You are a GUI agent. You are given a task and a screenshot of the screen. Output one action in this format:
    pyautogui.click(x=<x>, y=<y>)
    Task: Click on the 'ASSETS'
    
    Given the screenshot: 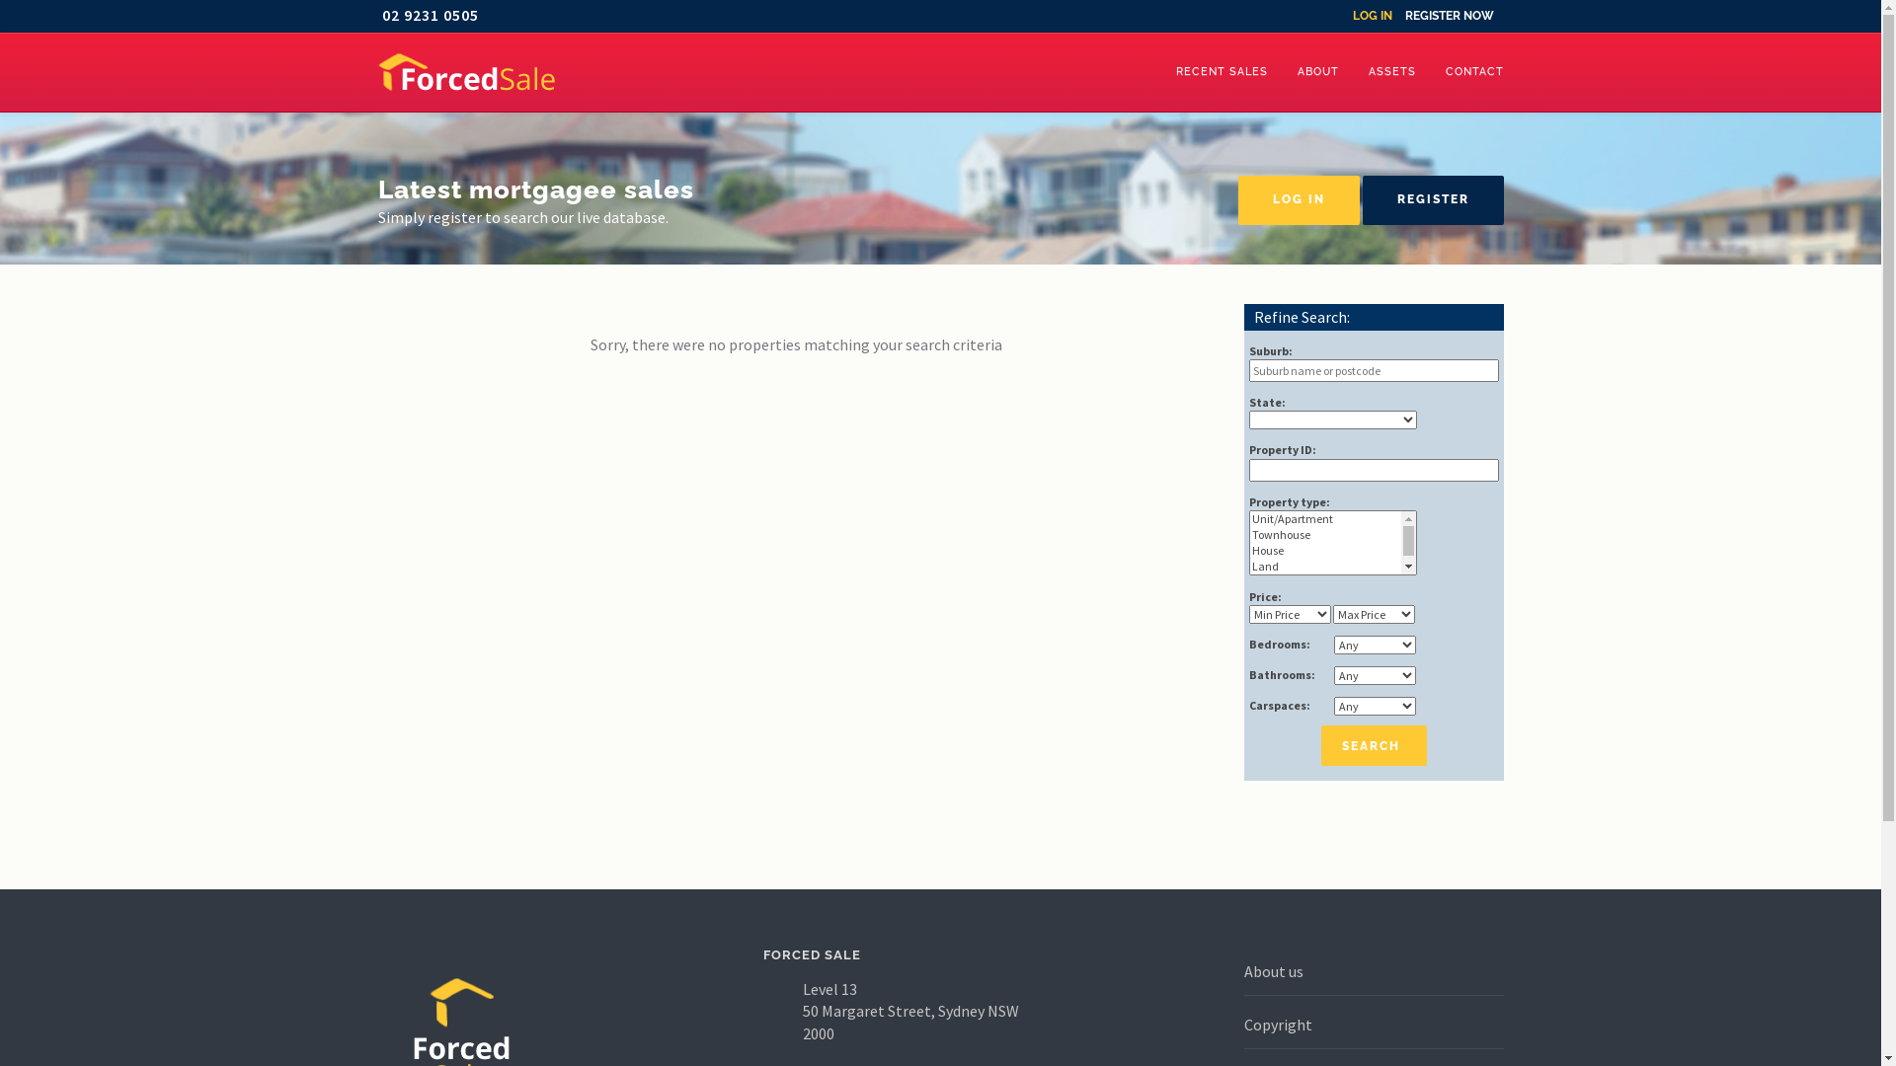 What is the action you would take?
    pyautogui.click(x=1390, y=71)
    